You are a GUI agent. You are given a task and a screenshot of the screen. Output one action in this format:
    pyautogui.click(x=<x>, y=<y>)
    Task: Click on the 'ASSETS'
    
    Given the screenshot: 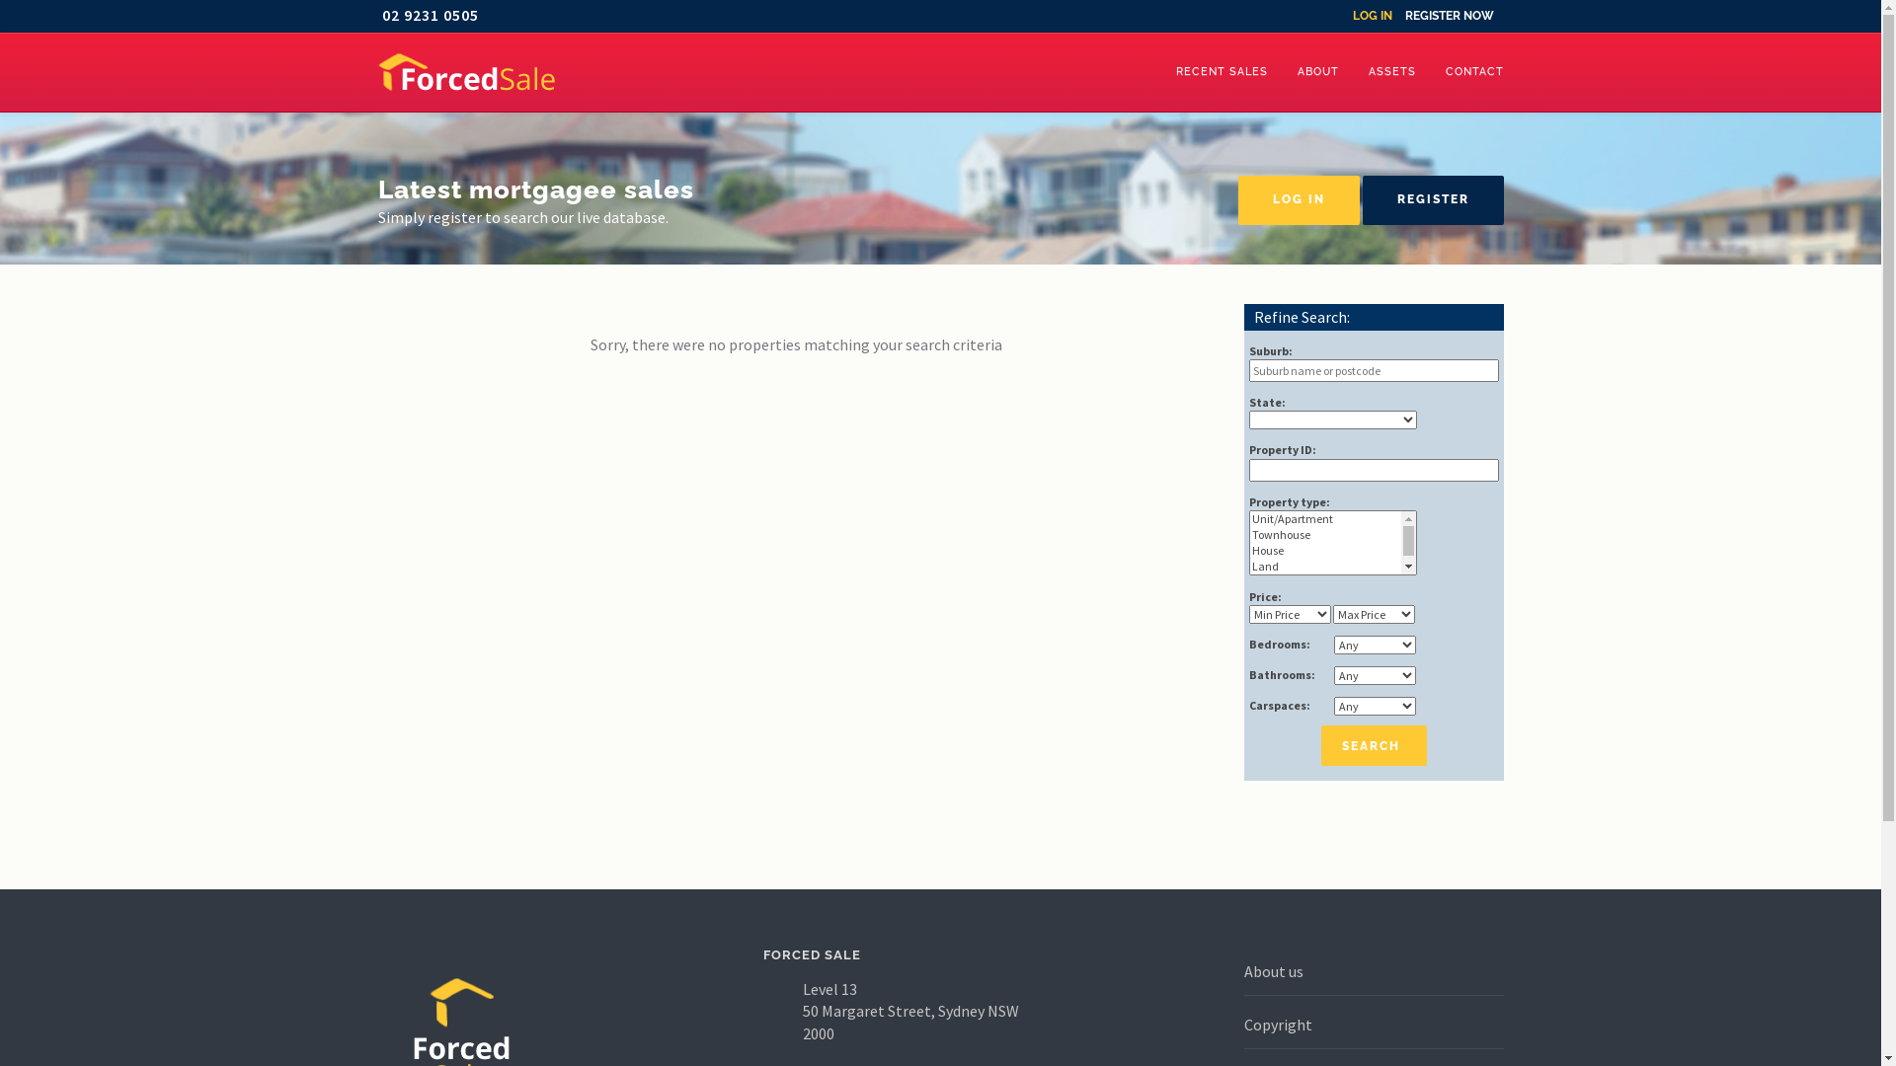 What is the action you would take?
    pyautogui.click(x=1390, y=71)
    